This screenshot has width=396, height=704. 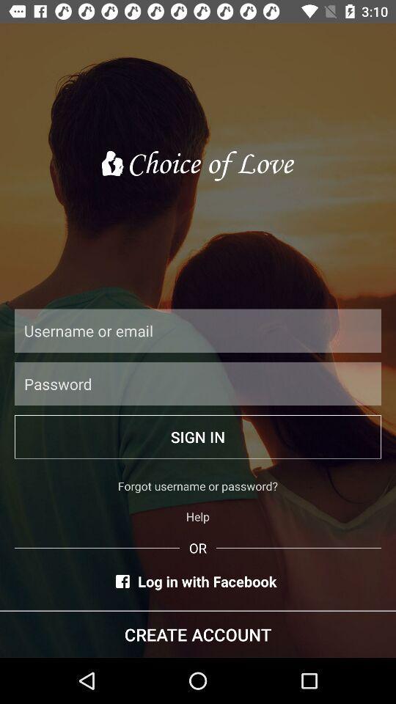 I want to click on text box, so click(x=198, y=331).